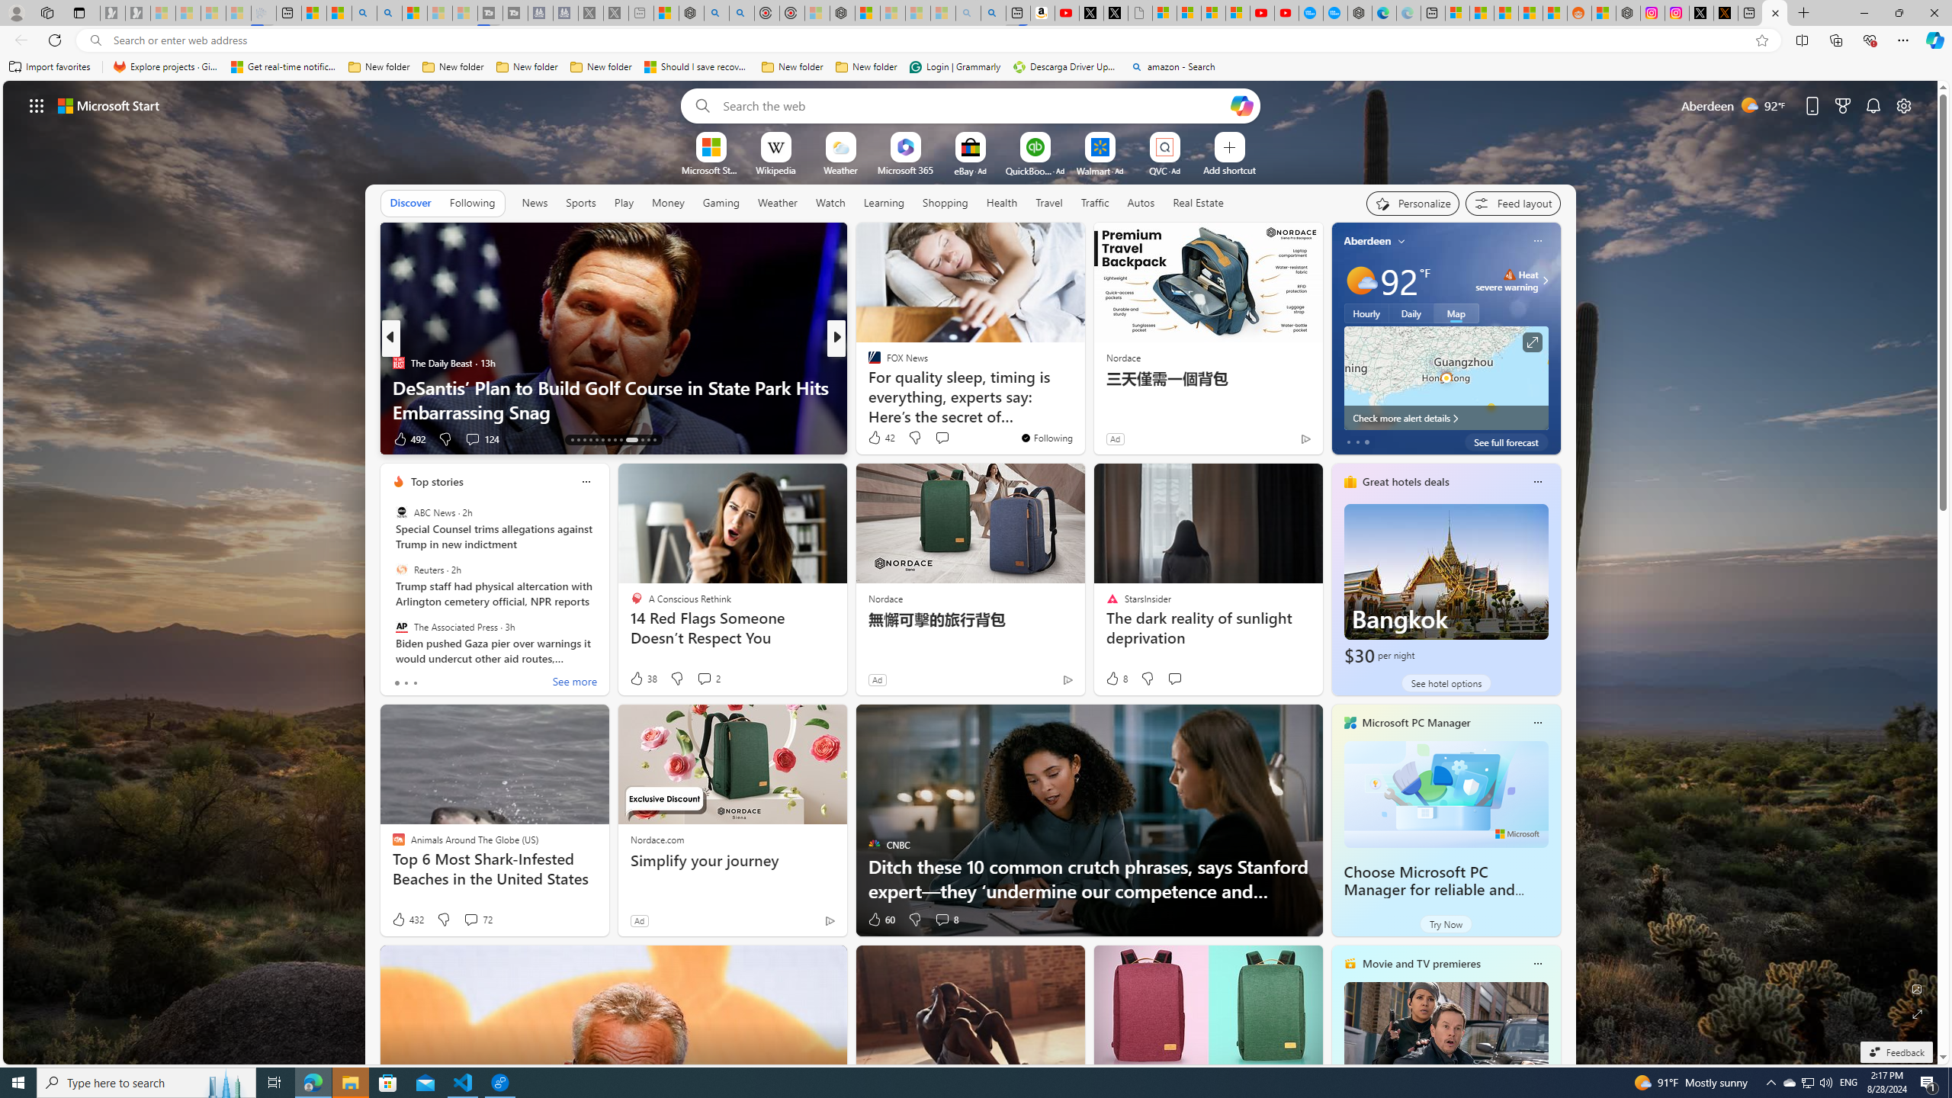  I want to click on 'Mostly sunny', so click(1360, 280).